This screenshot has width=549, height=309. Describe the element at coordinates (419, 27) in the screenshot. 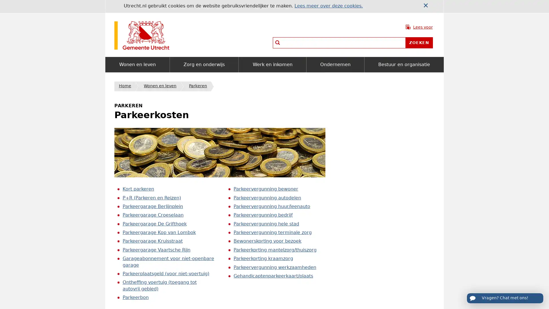

I see `Lees voor` at that location.